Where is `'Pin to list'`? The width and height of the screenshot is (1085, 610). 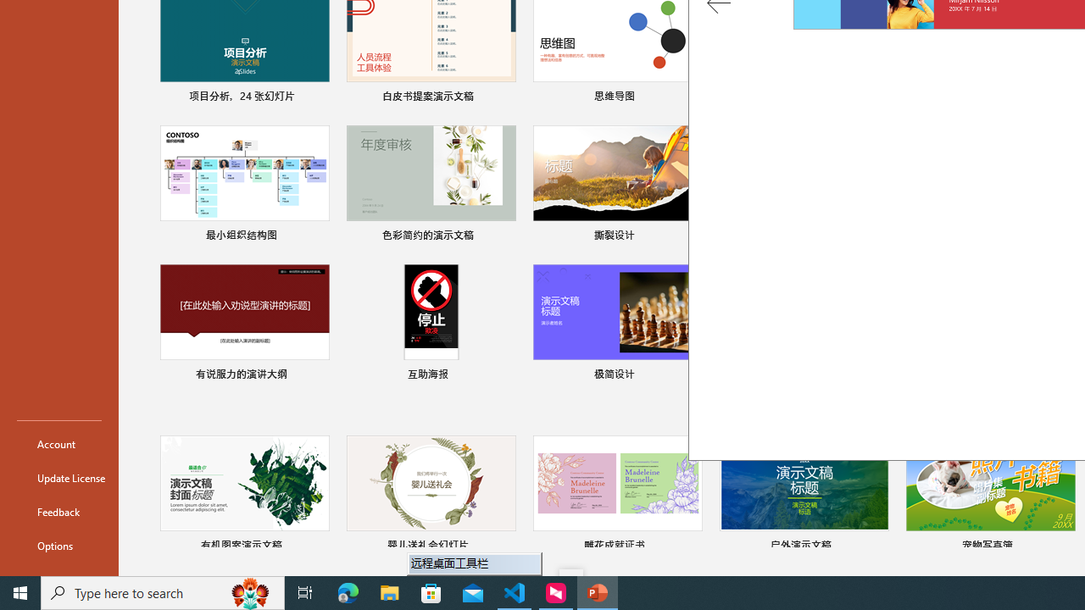
'Pin to list' is located at coordinates (1063, 546).